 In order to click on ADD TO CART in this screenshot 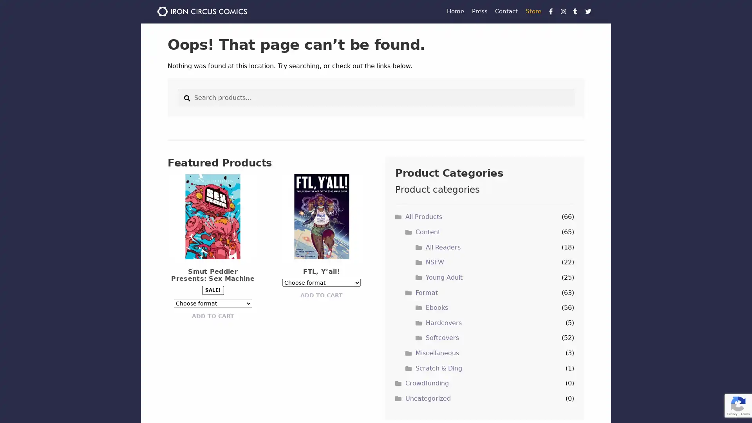, I will do `click(321, 295)`.